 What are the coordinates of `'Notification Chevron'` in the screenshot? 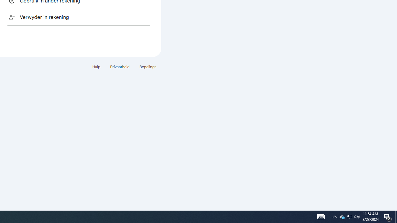 It's located at (334, 216).